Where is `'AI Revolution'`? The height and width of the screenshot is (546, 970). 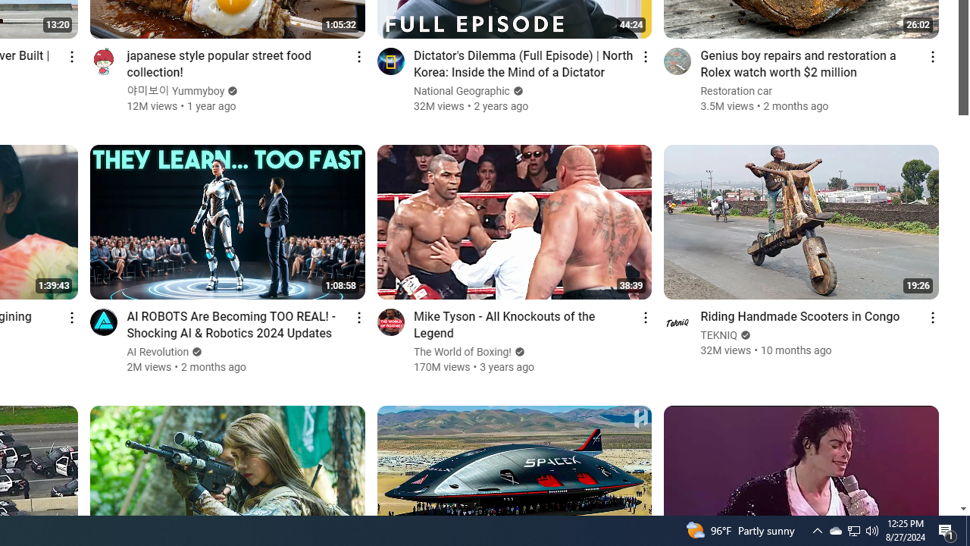 'AI Revolution' is located at coordinates (158, 352).